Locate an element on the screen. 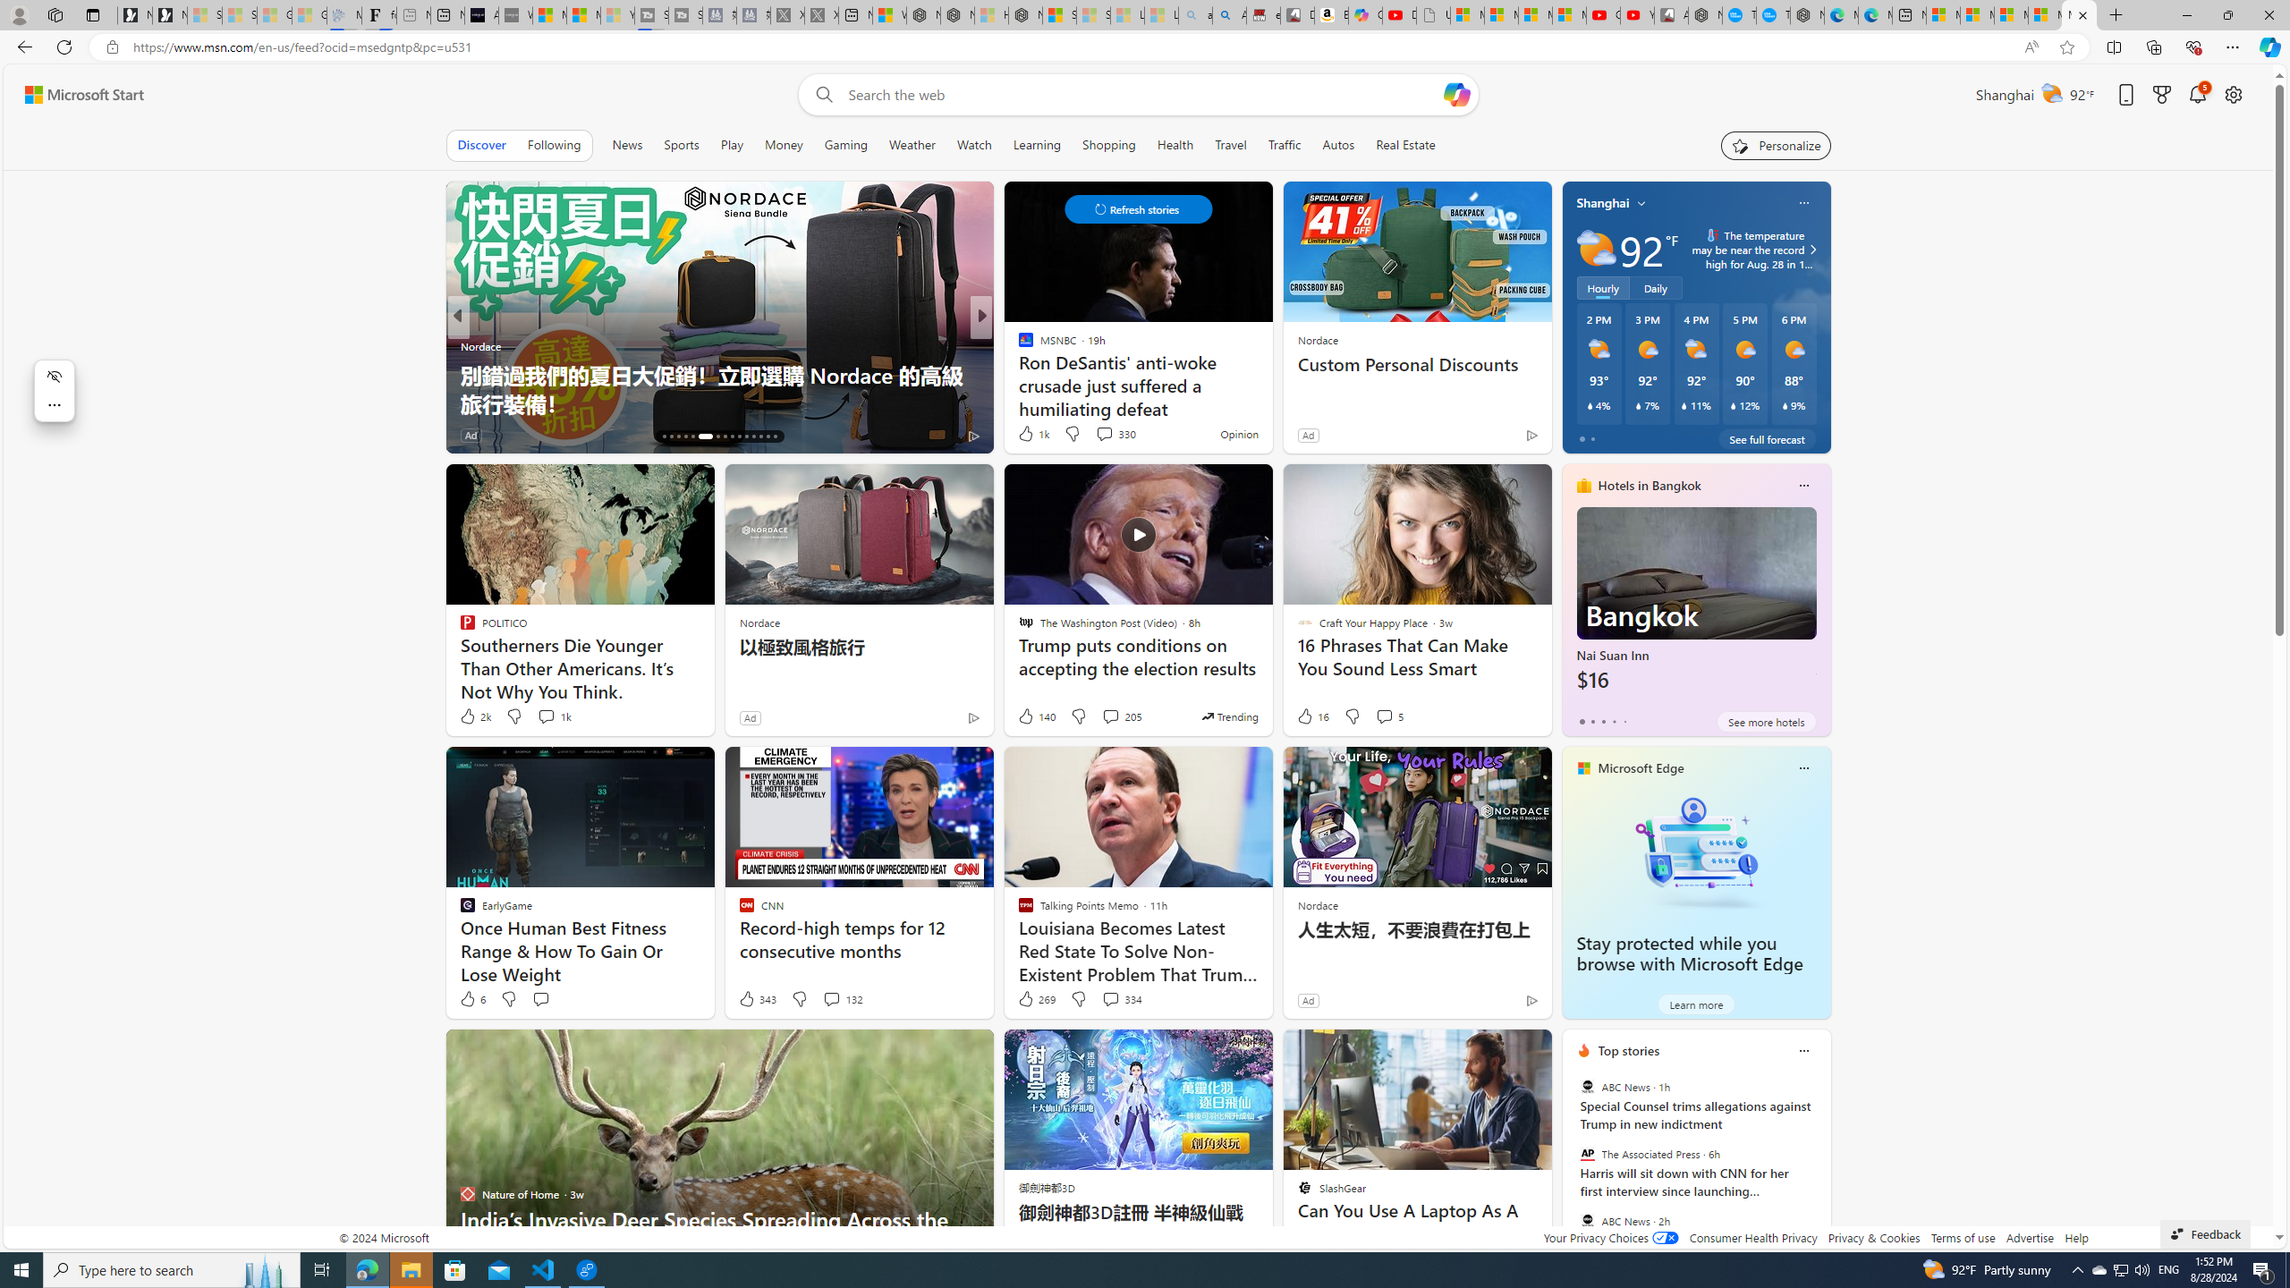 This screenshot has width=2290, height=1288. 'See more hotels' is located at coordinates (1766, 722).